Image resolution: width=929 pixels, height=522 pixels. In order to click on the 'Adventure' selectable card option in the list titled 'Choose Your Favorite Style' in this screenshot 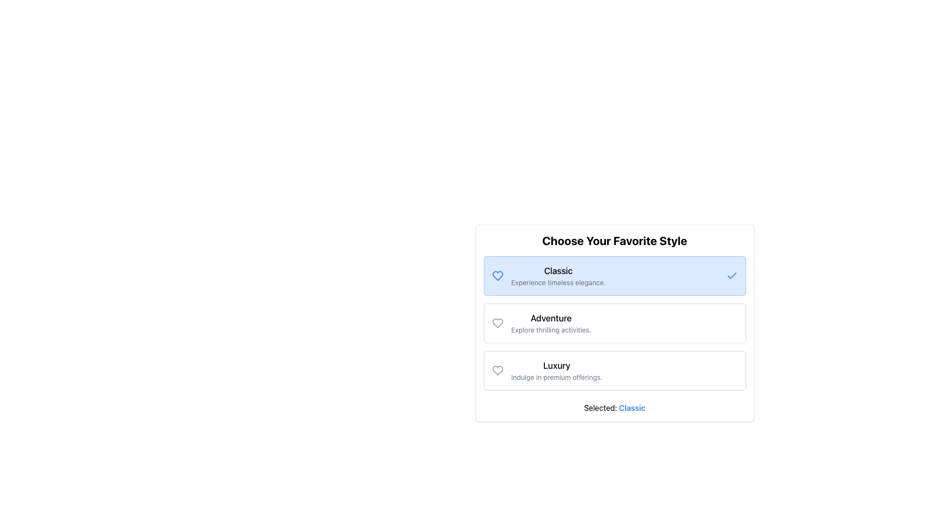, I will do `click(614, 323)`.